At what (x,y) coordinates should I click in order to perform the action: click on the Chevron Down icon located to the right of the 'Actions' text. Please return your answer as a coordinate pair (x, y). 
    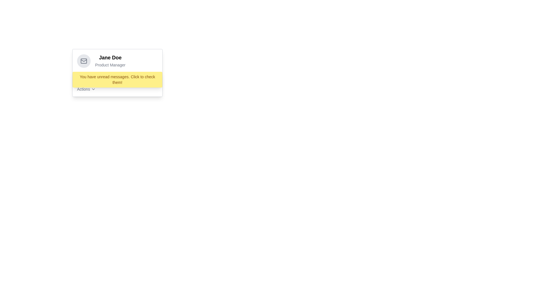
    Looking at the image, I should click on (93, 89).